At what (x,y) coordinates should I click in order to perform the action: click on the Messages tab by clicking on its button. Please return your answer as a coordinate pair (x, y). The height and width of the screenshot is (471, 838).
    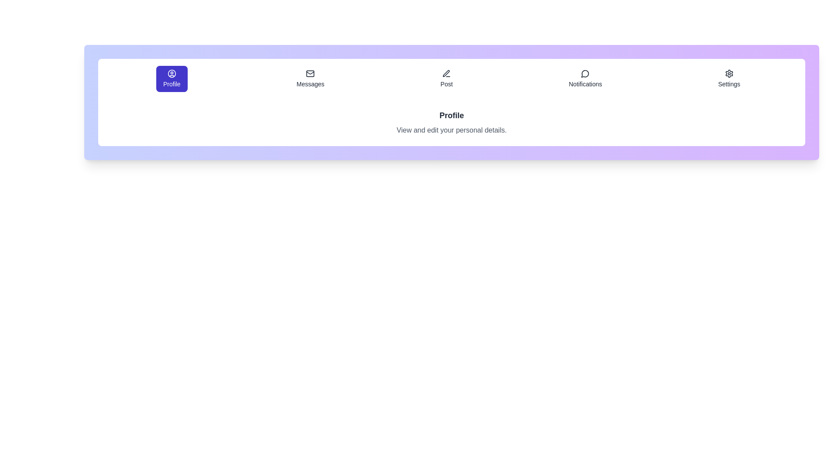
    Looking at the image, I should click on (310, 79).